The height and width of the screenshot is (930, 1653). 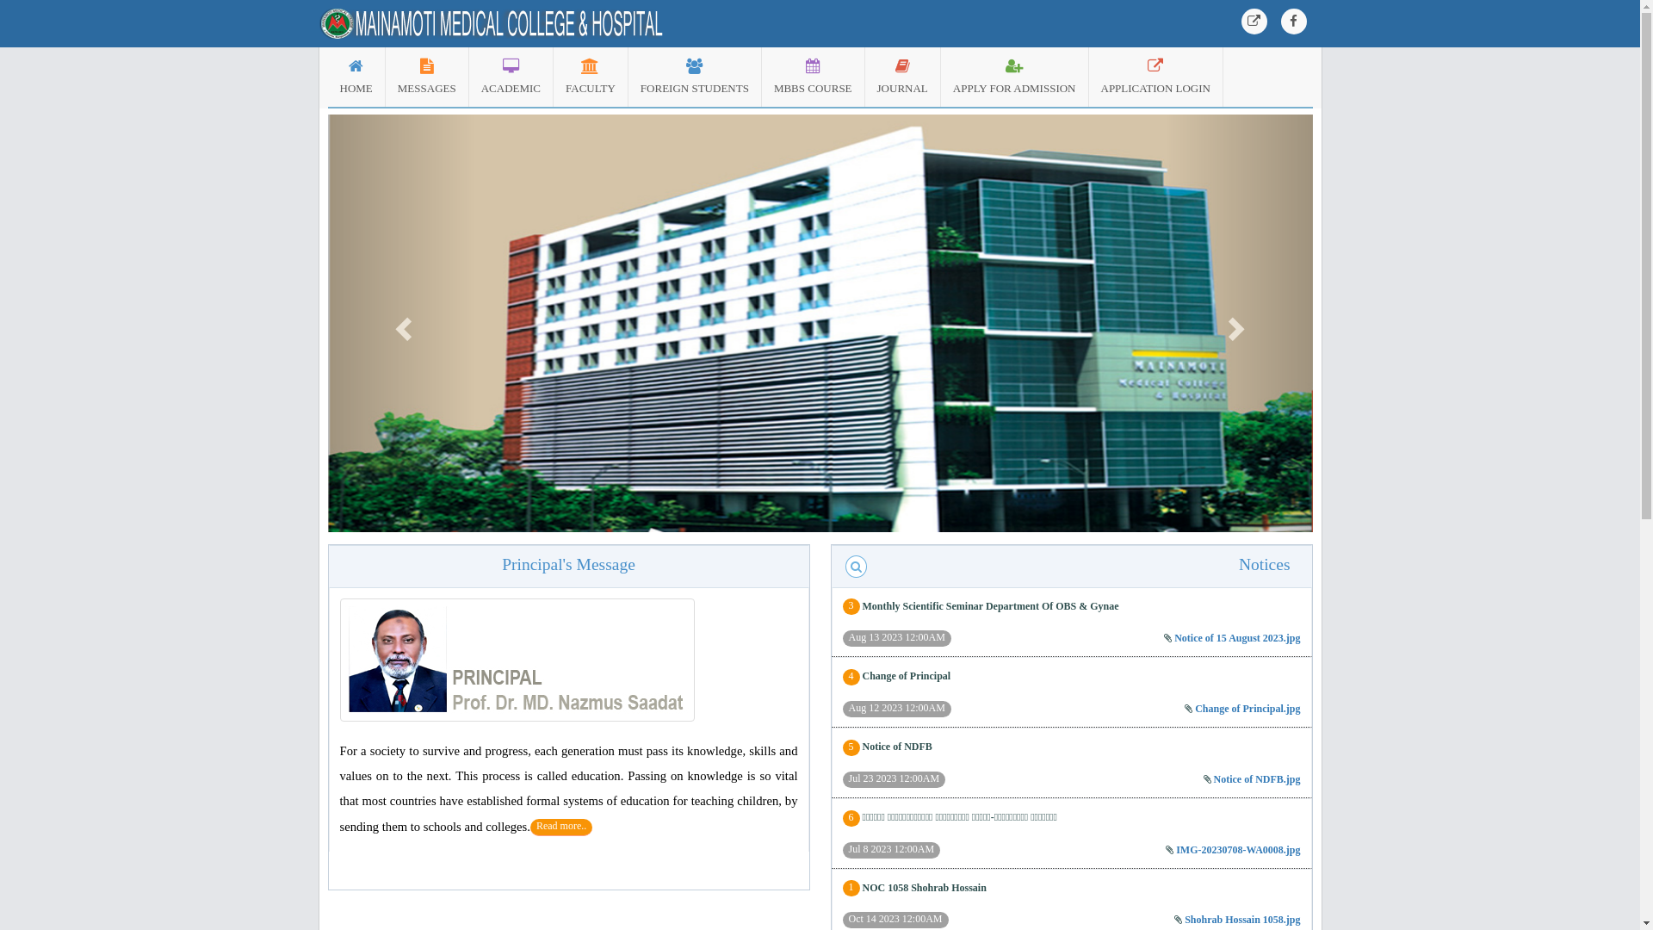 I want to click on 'FOREIGN STUDENTS', so click(x=627, y=76).